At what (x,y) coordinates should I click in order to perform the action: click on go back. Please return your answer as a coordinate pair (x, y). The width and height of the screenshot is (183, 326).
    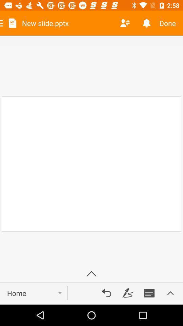
    Looking at the image, I should click on (106, 293).